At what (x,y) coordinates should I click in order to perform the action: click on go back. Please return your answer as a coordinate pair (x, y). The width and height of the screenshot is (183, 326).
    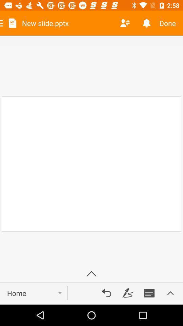
    Looking at the image, I should click on (106, 293).